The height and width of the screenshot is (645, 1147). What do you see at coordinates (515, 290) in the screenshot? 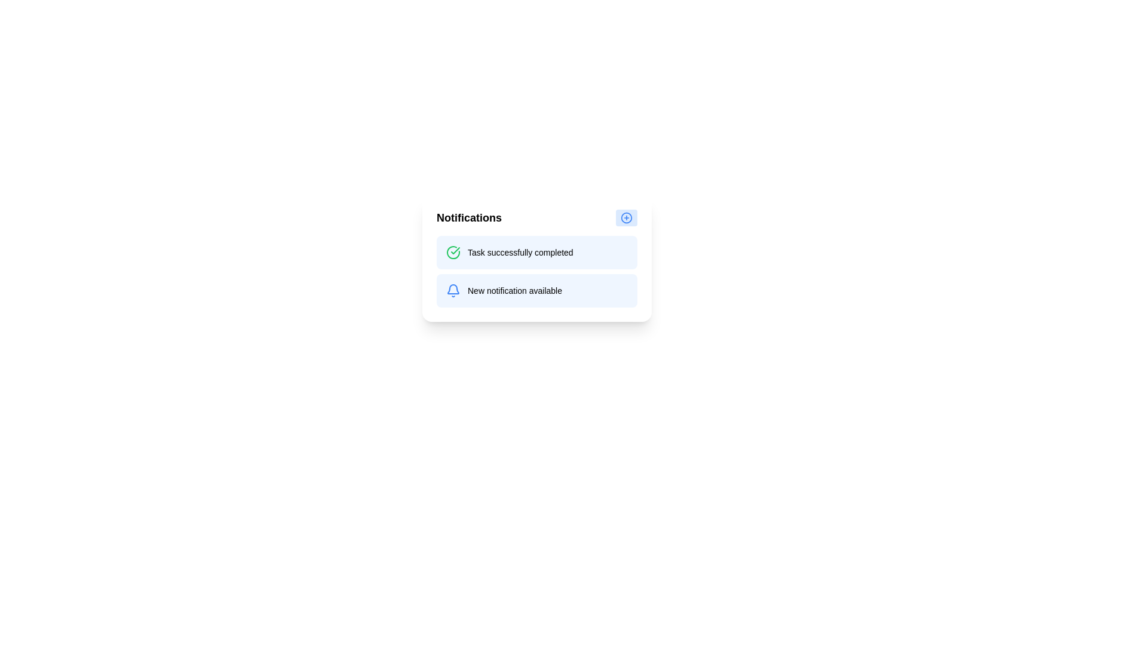
I see `the descriptive text of the second notification under the 'Notifications' section, which informs users about a new notification being available` at bounding box center [515, 290].